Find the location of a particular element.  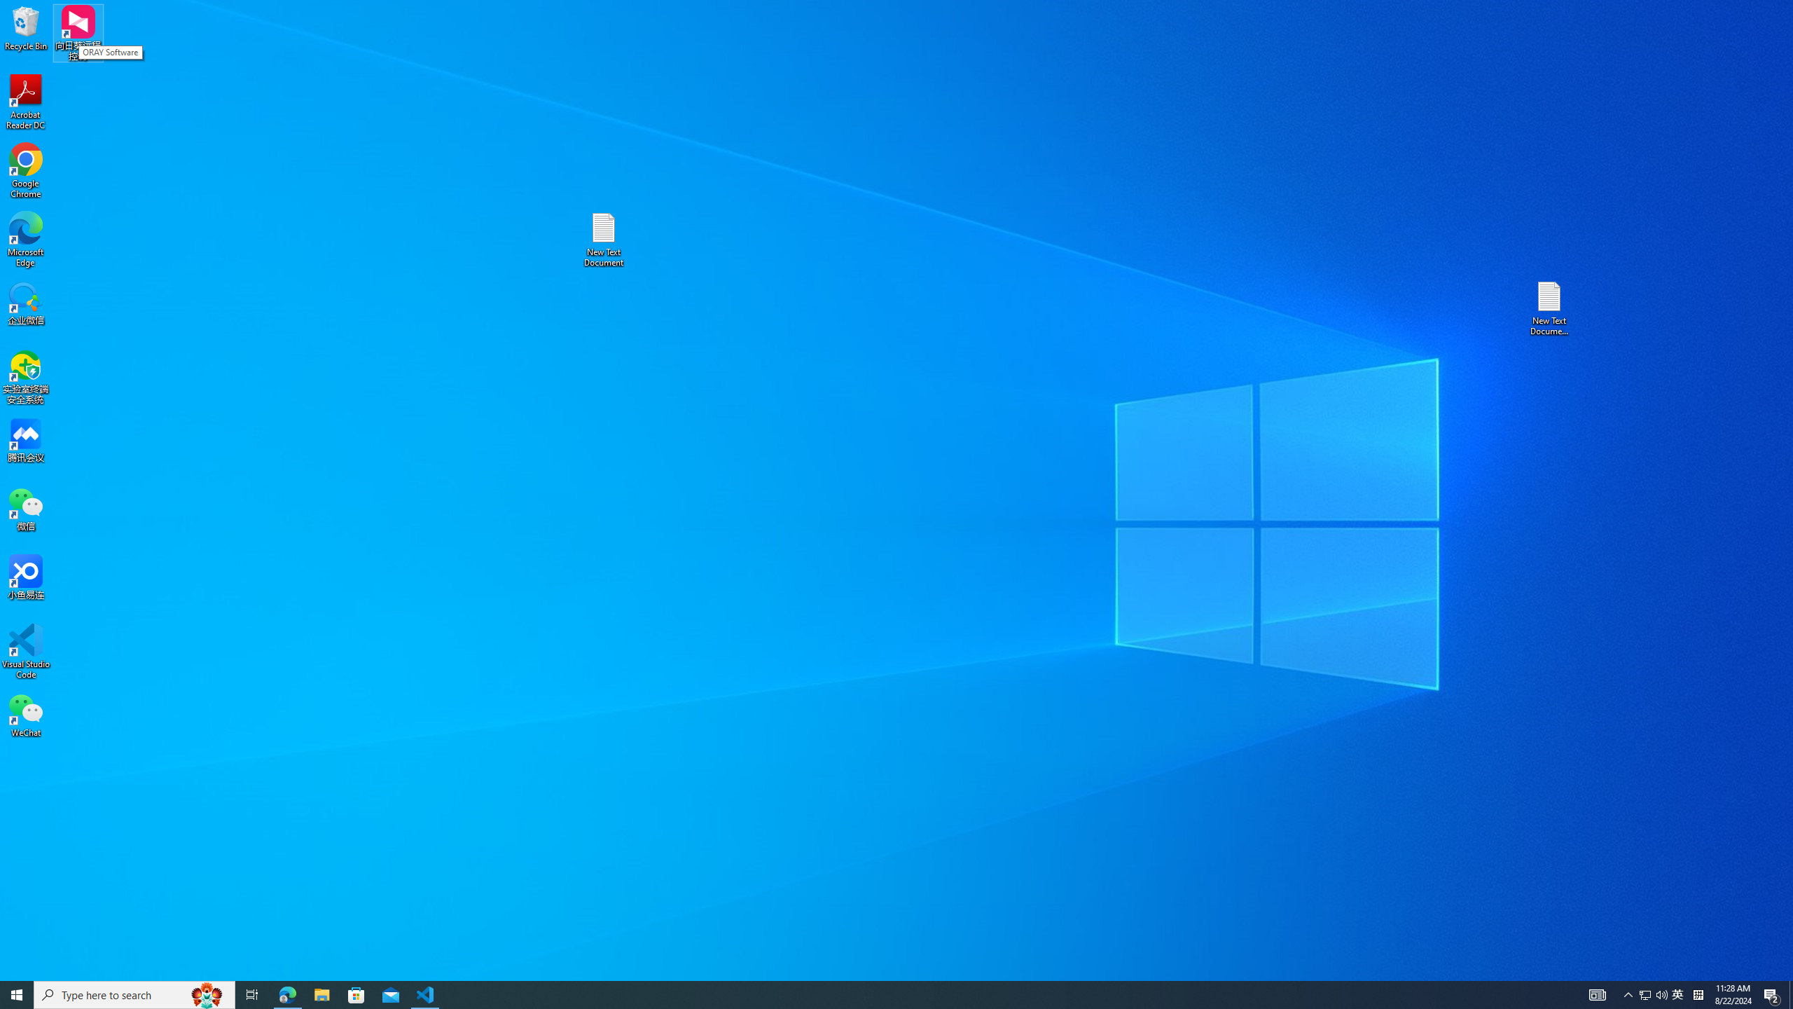

'Search highlights icon opens search home window' is located at coordinates (206, 994).